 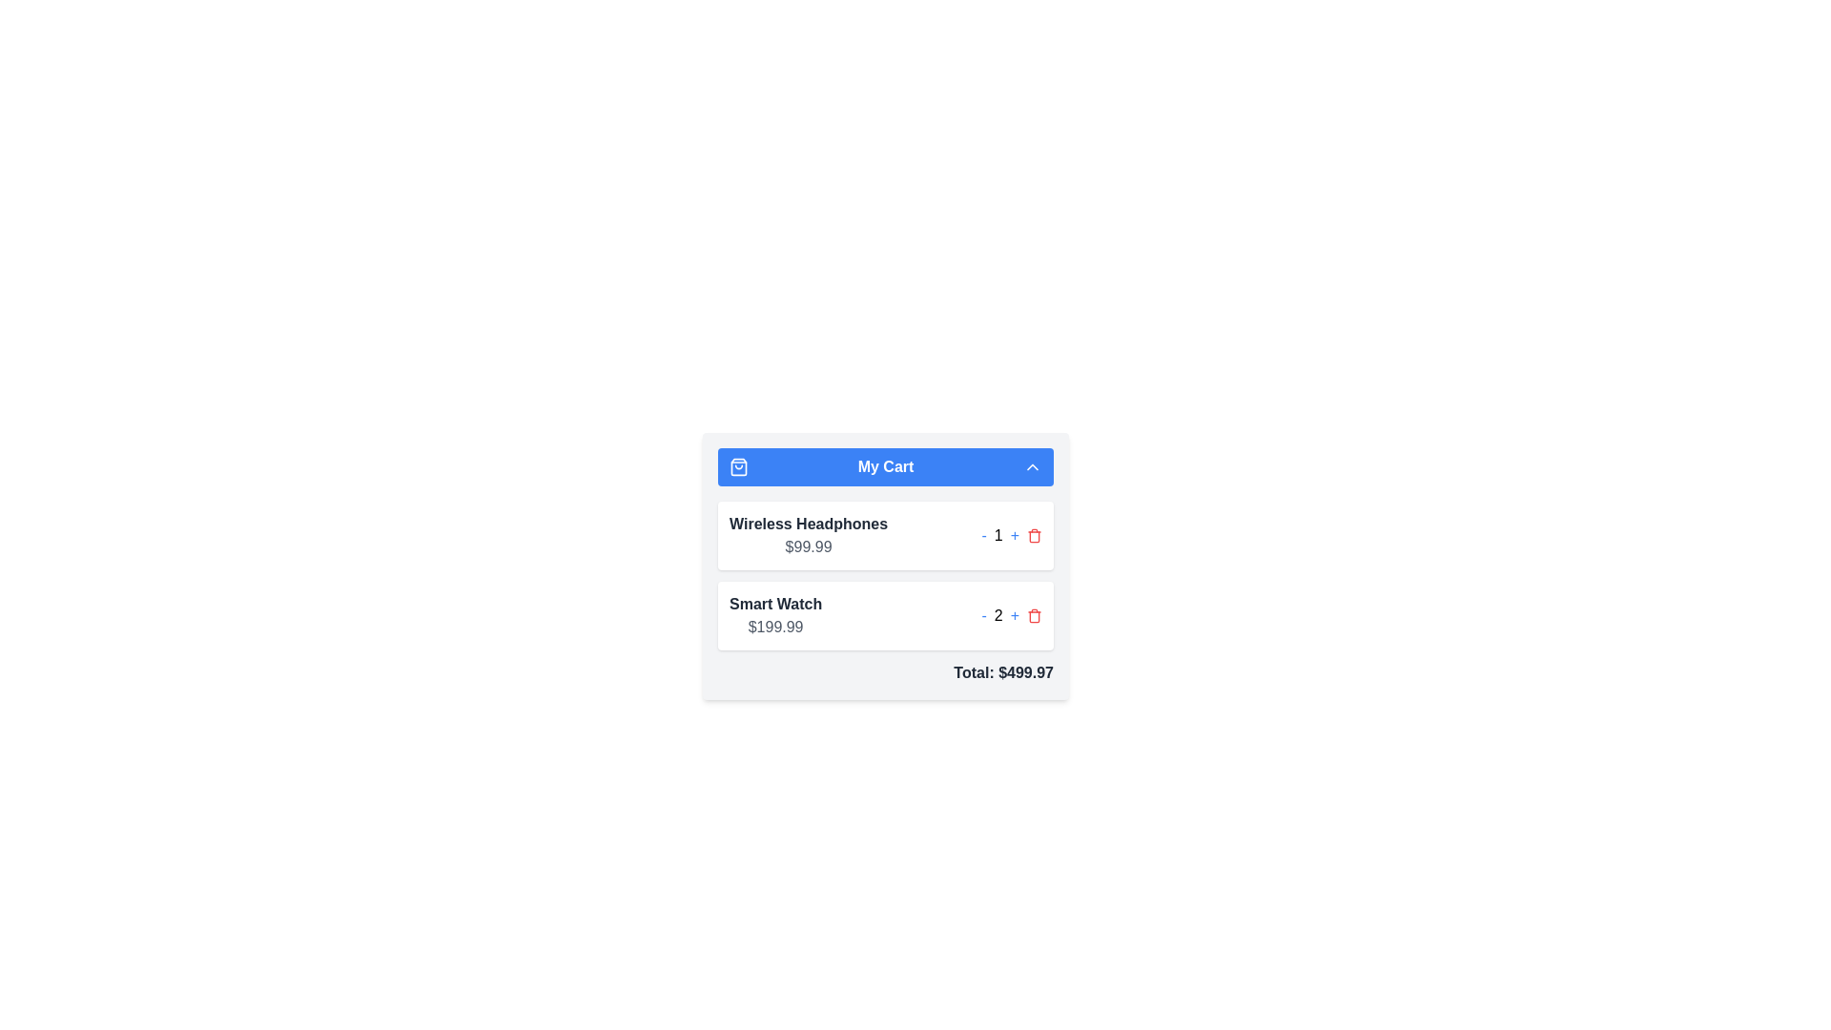 What do you see at coordinates (809, 525) in the screenshot?
I see `the Text Label displaying 'Wireless Headphones', which is located near the top-left area of the product card in the shopping cart interface` at bounding box center [809, 525].